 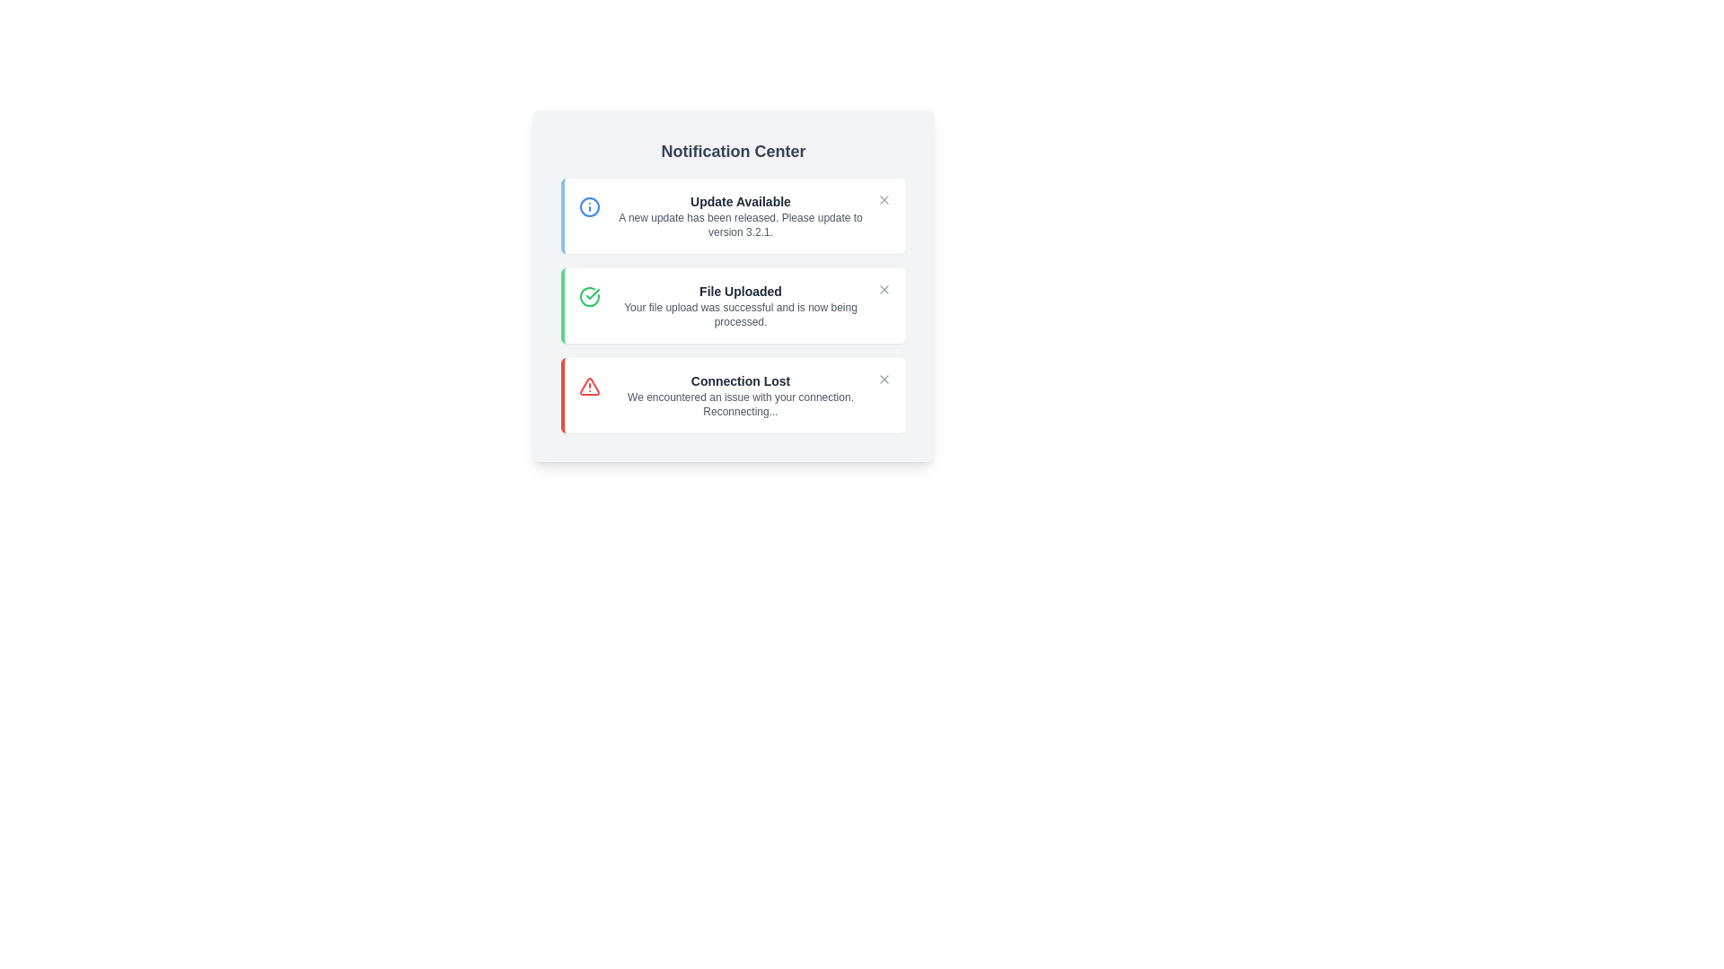 I want to click on the close button in the top-right corner of the 'File Uploaded' notification, so click(x=884, y=289).